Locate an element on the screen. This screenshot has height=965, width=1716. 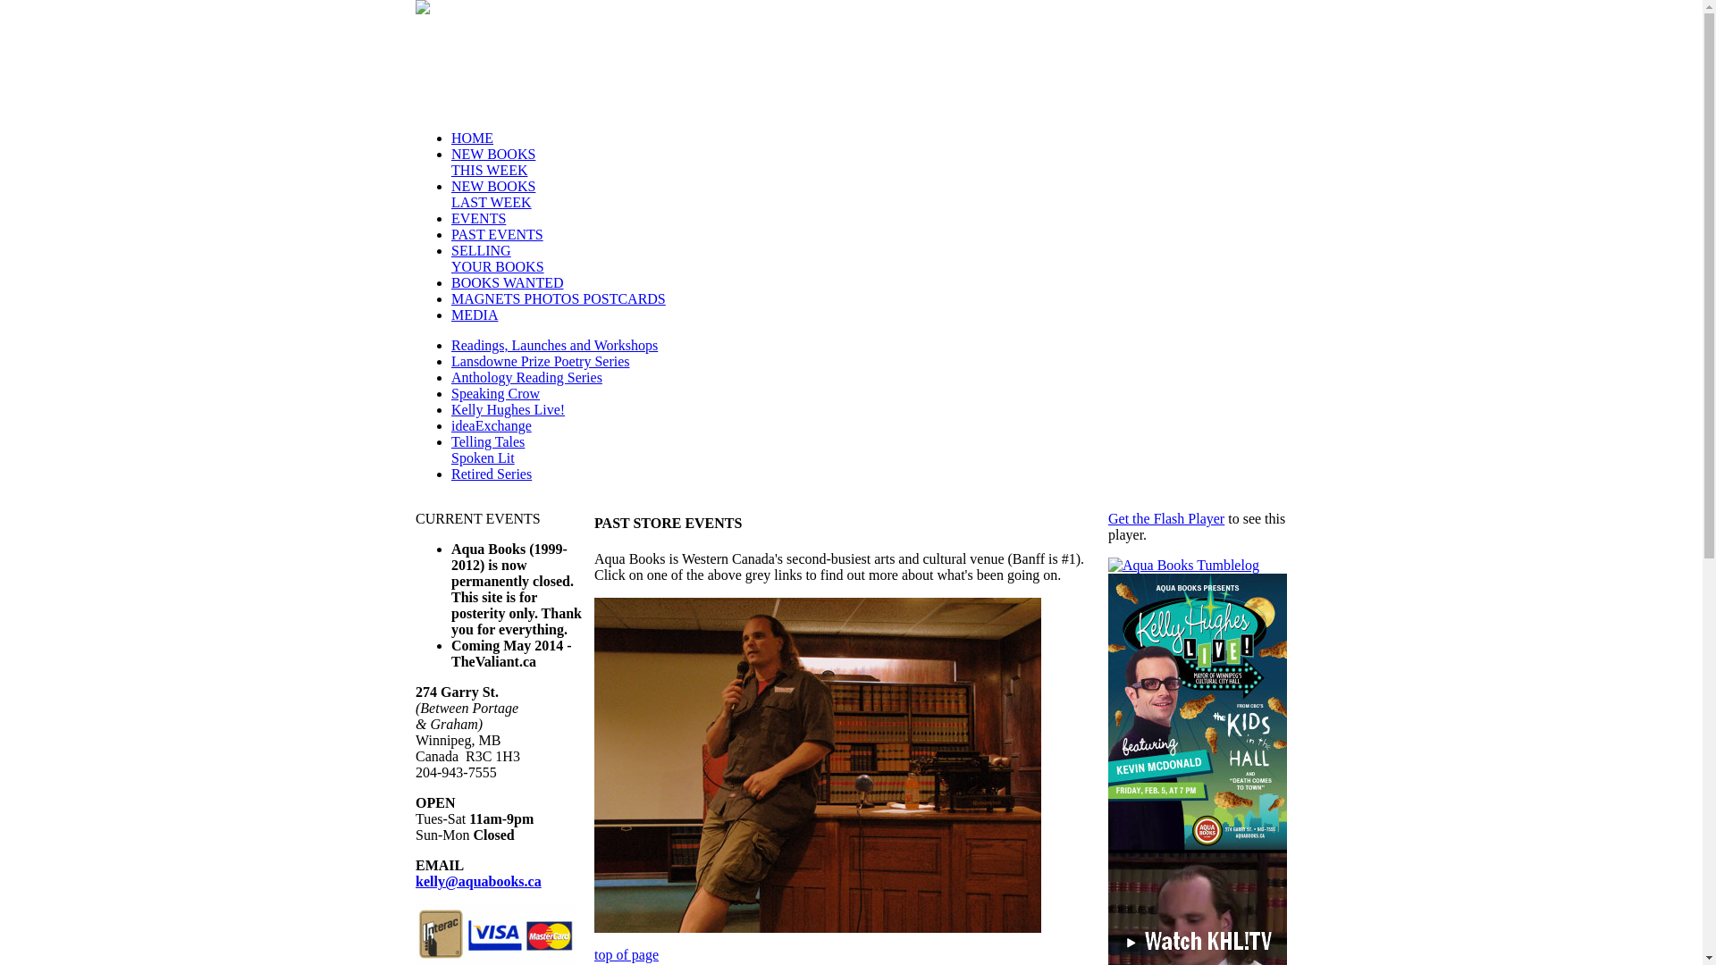
'ideaExchange' is located at coordinates (492, 425).